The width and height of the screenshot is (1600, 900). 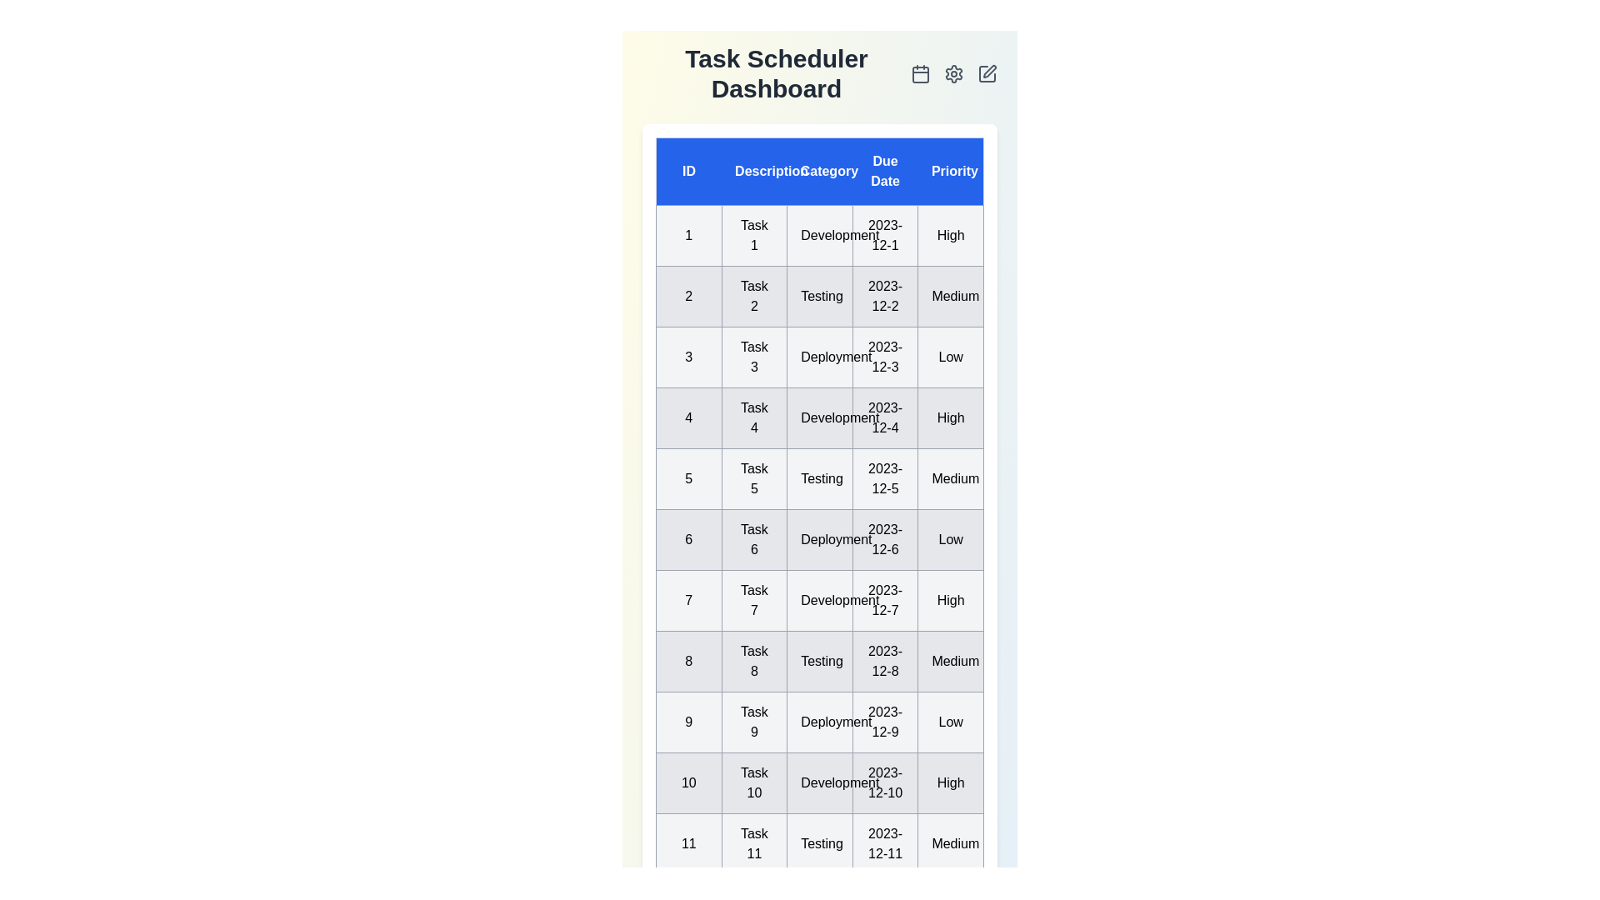 What do you see at coordinates (884, 171) in the screenshot?
I see `the column header 'Due Date' to sort the tasks by that column` at bounding box center [884, 171].